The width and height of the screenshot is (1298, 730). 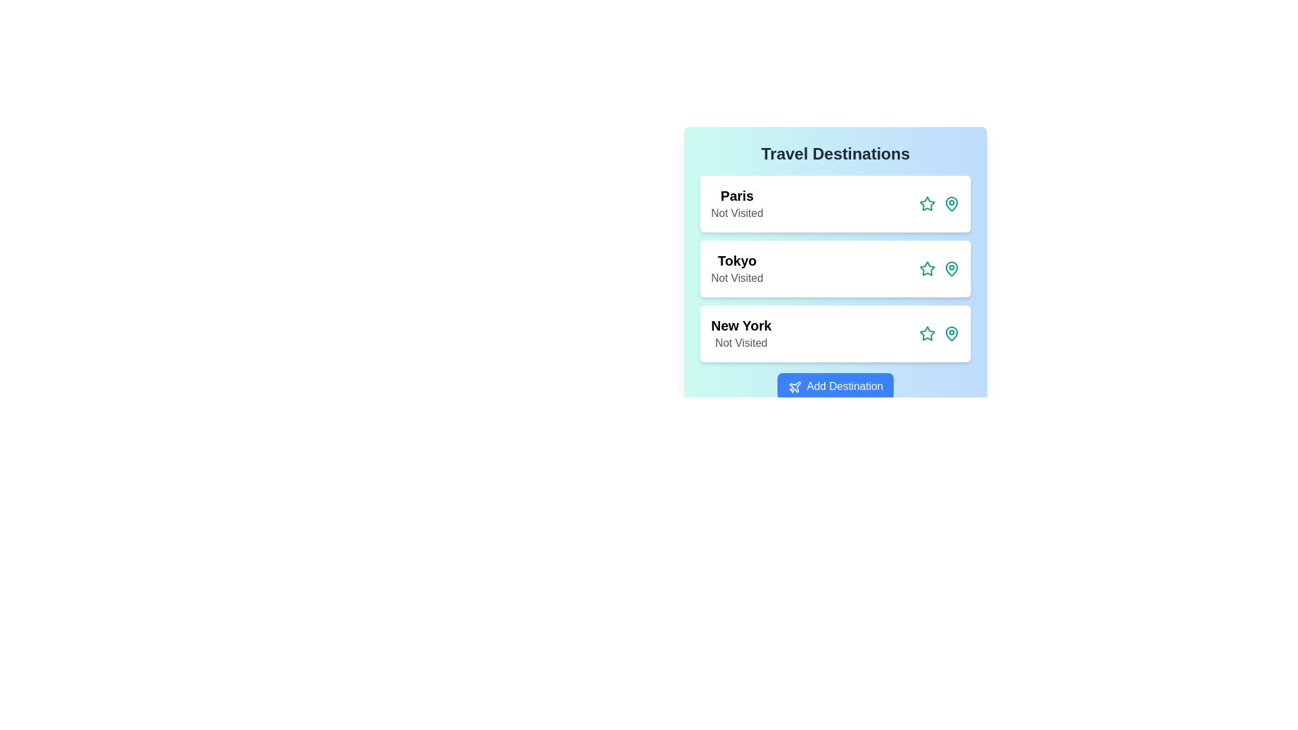 I want to click on the 'Add Destination' button to open a prompt for adding a new destination, so click(x=835, y=386).